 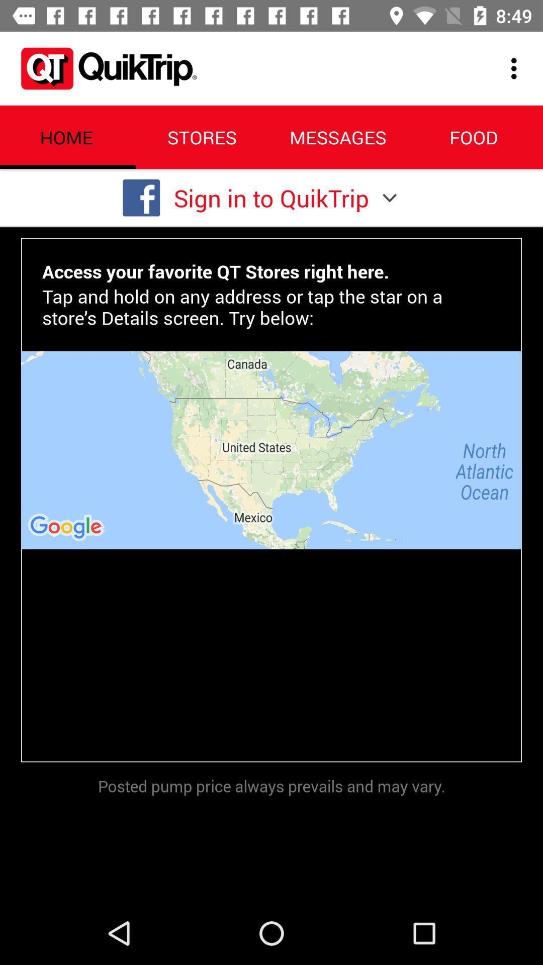 What do you see at coordinates (271, 449) in the screenshot?
I see `the icon at the center` at bounding box center [271, 449].